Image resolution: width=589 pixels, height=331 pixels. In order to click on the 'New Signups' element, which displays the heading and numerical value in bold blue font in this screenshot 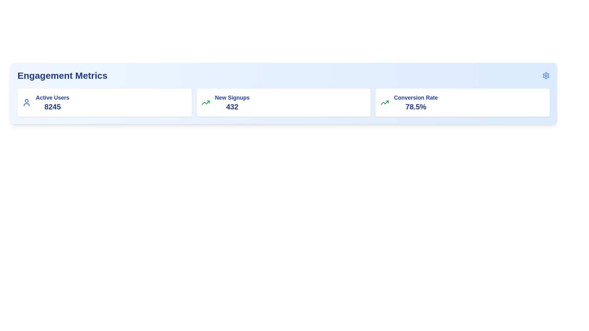, I will do `click(232, 102)`.